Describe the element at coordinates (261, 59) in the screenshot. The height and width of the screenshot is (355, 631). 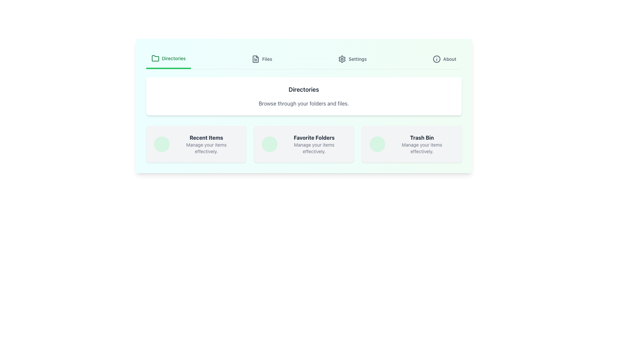
I see `the file management button located in the navigation bar, positioned between 'Directories' and 'Settings'` at that location.